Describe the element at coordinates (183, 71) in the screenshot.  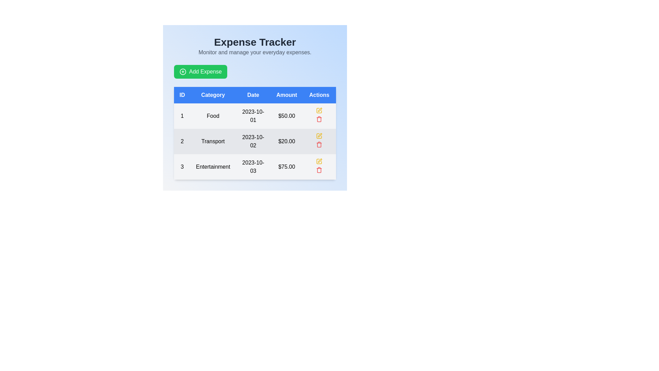
I see `the icon located to the left of the 'Add Expense' text` at that location.